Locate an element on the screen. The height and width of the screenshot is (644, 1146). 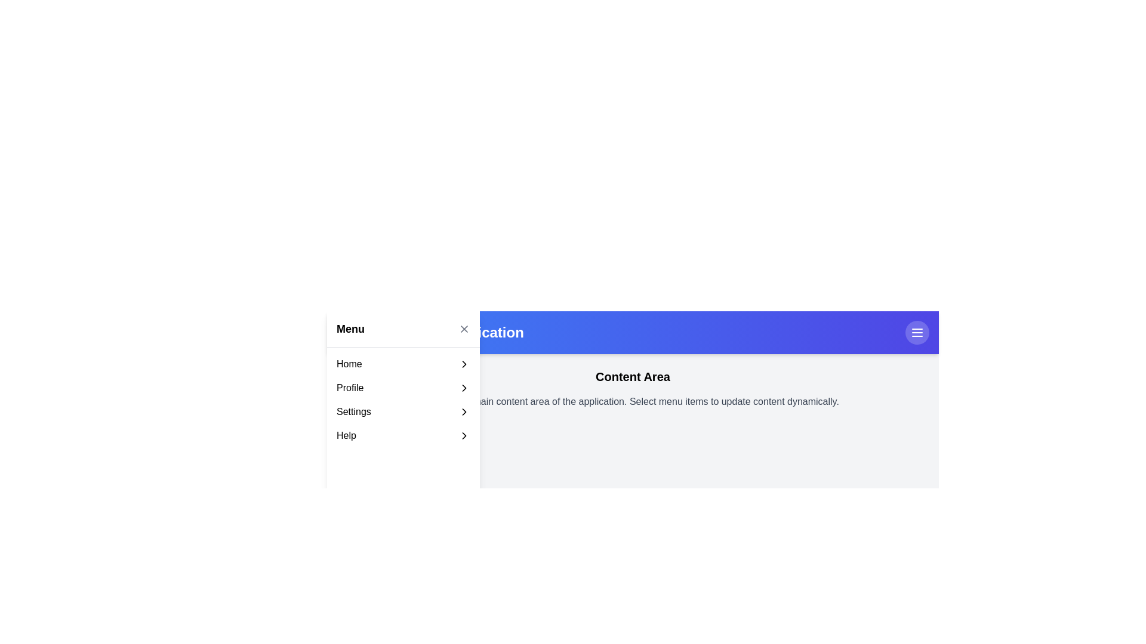
the static text content that instructs users to select menu items to update content dynamically, which is styled in a smaller, gray font and located below the title 'Content Area' is located at coordinates (632, 402).